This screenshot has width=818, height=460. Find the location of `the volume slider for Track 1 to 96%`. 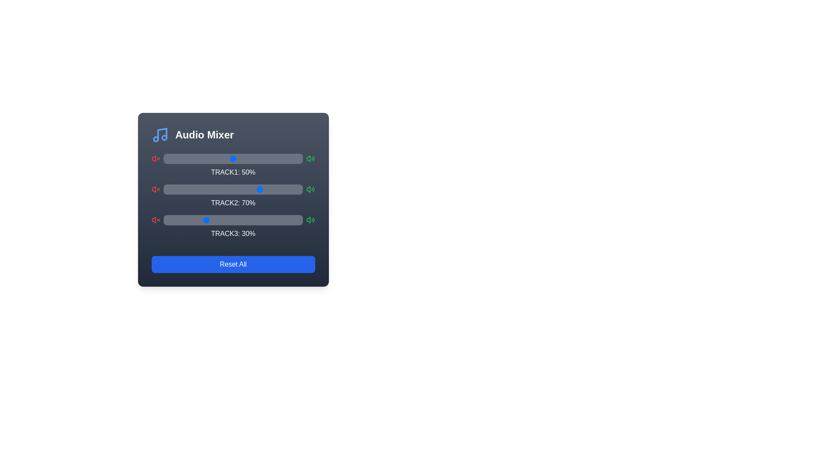

the volume slider for Track 1 to 96% is located at coordinates (297, 159).